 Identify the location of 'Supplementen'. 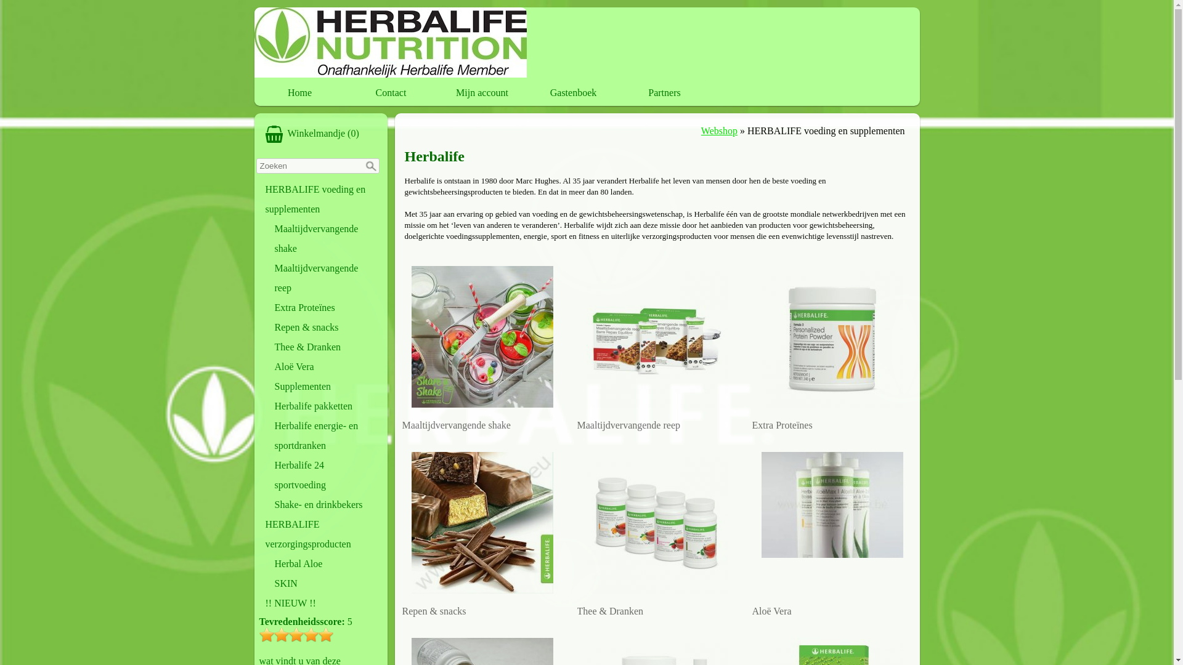
(325, 386).